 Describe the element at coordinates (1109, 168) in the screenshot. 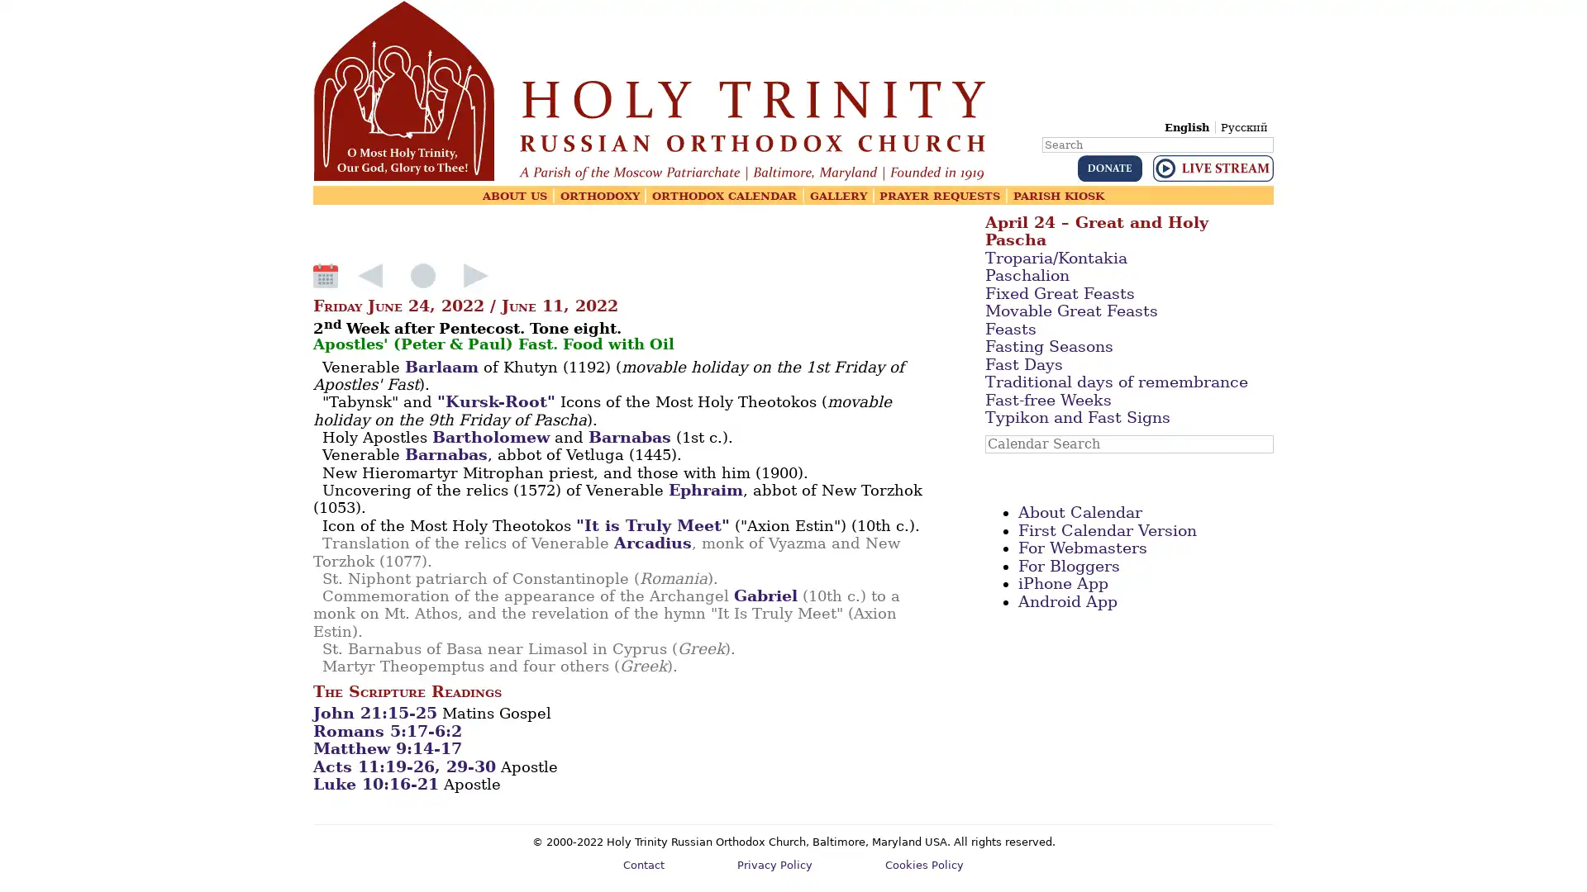

I see `PayPal - The safer, easier way to pay online!` at that location.